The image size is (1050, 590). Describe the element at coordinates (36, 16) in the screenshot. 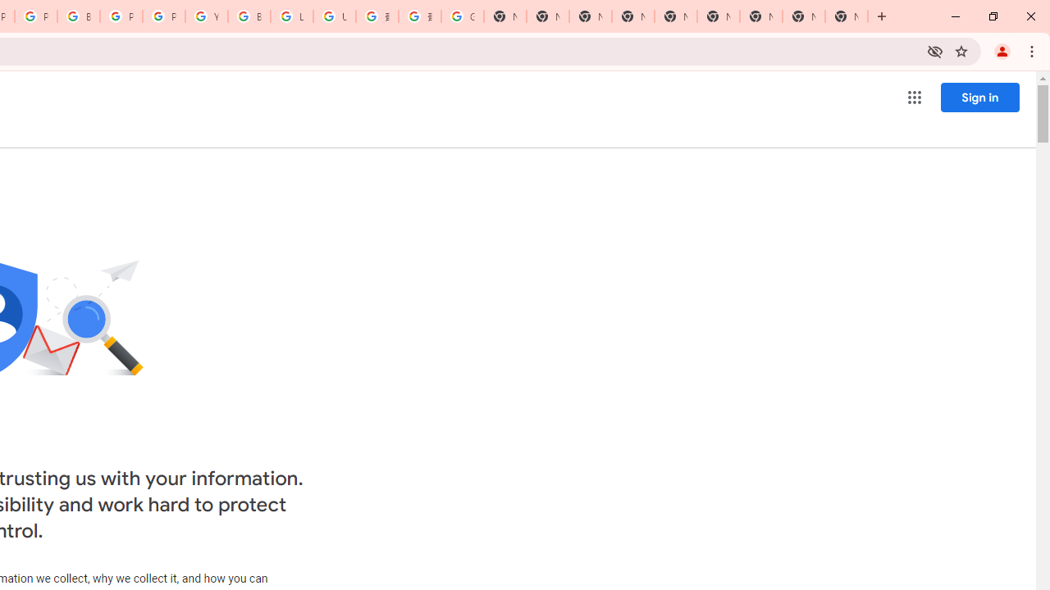

I see `'Privacy Help Center - Policies Help'` at that location.